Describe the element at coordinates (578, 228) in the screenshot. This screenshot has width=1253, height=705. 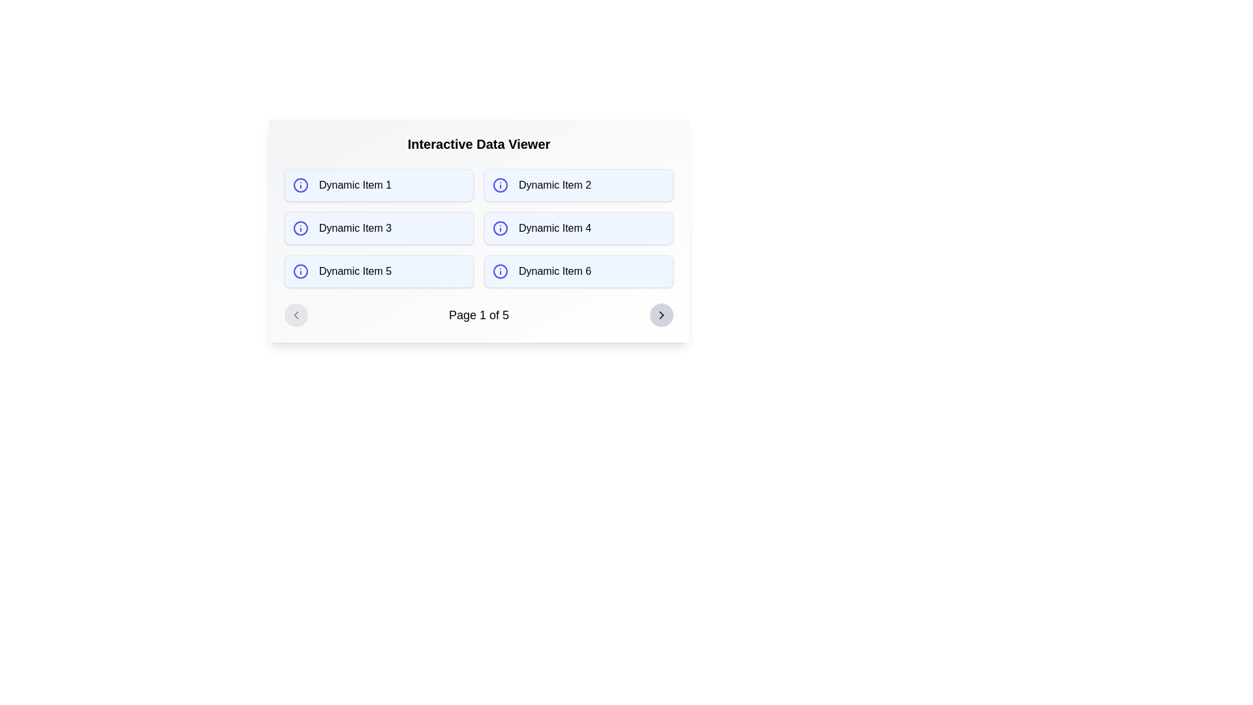
I see `the button labeled 'Dynamic Item 4'` at that location.